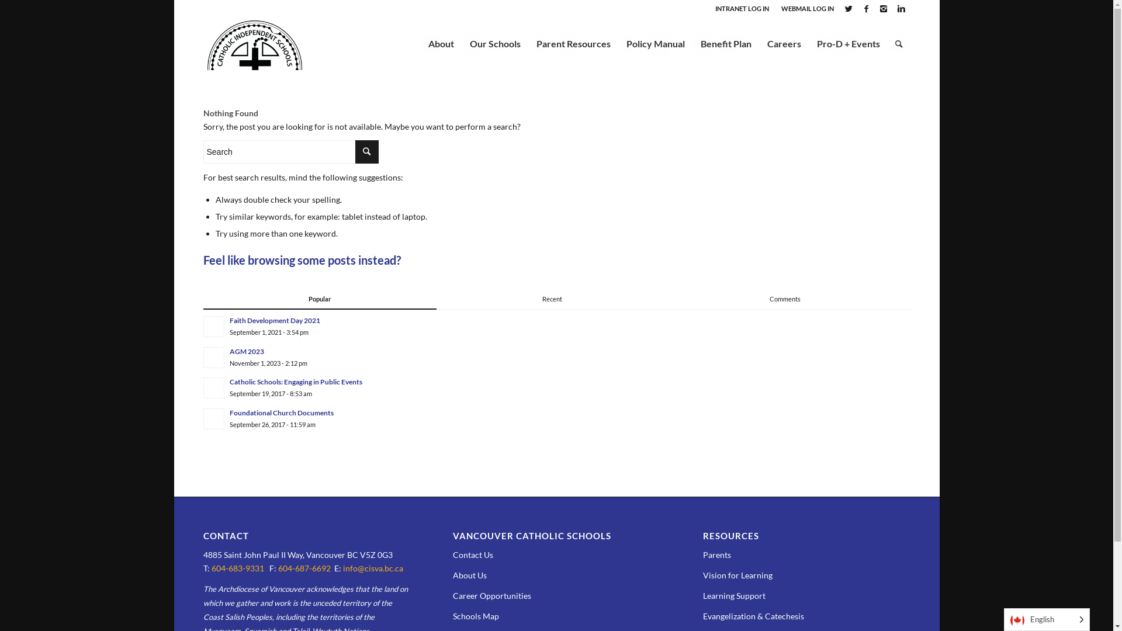 The image size is (1122, 631). Describe the element at coordinates (901, 9) in the screenshot. I see `'Linkedin'` at that location.